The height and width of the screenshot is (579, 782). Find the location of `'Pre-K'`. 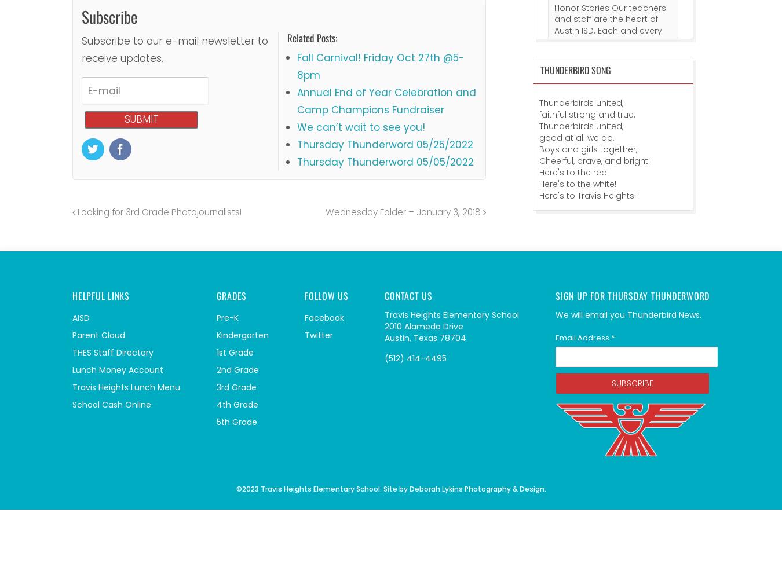

'Pre-K' is located at coordinates (216, 317).